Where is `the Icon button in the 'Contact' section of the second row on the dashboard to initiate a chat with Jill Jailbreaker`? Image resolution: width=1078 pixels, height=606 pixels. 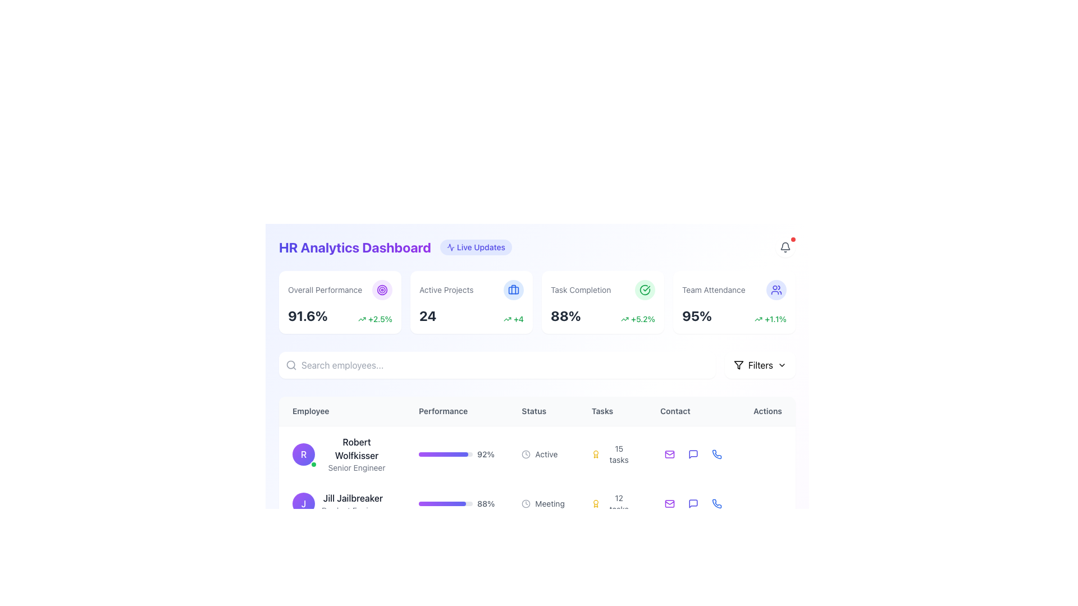 the Icon button in the 'Contact' section of the second row on the dashboard to initiate a chat with Jill Jailbreaker is located at coordinates (693, 503).